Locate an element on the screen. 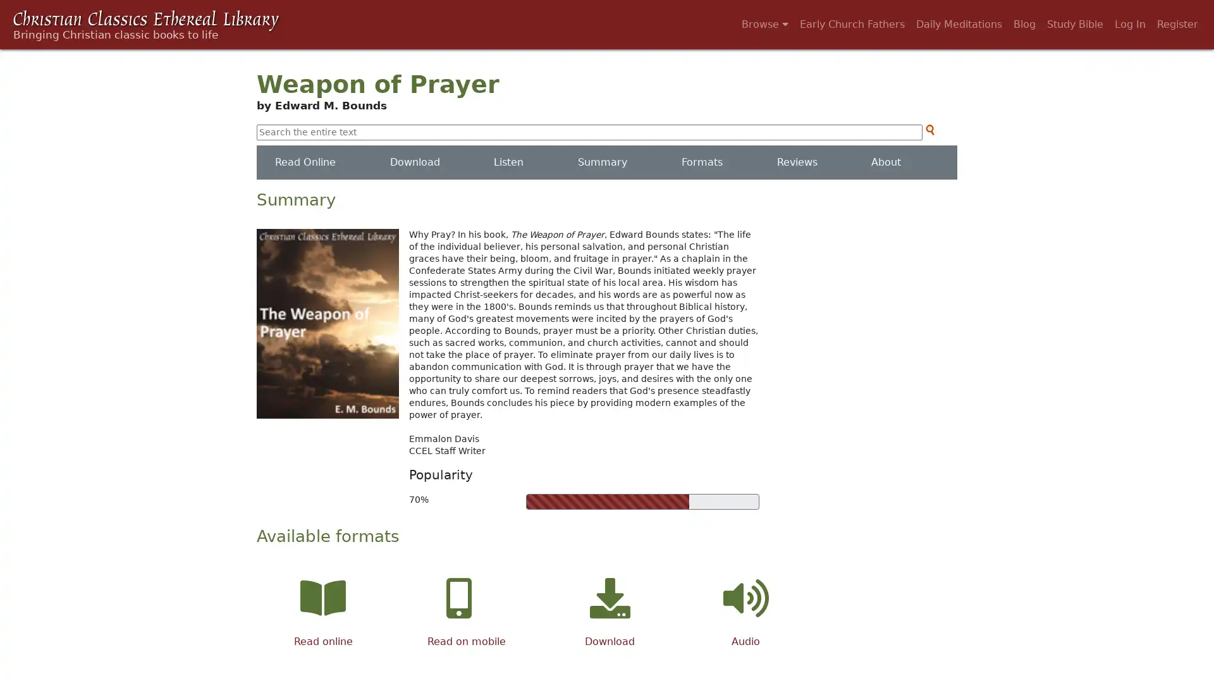 The width and height of the screenshot is (1214, 683). Read Online is located at coordinates (305, 162).